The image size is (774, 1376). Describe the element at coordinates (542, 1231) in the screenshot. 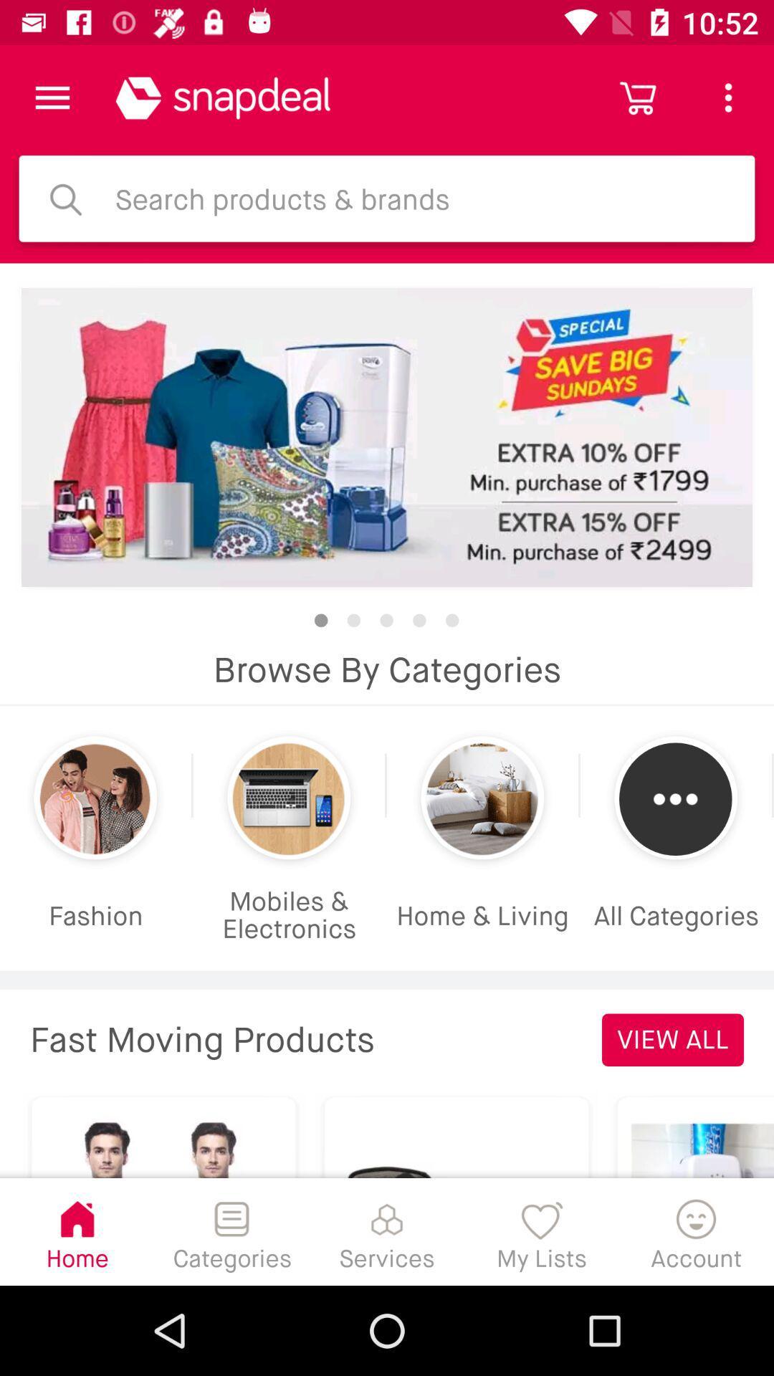

I see `the item next to the account` at that location.